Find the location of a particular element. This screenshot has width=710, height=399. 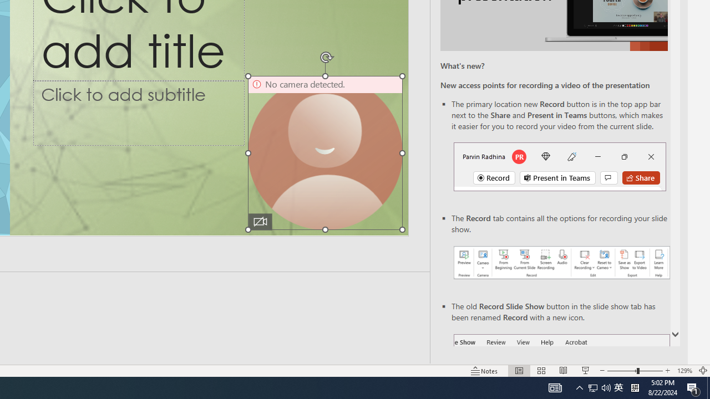

'Subtitle TextBox' is located at coordinates (138, 112).